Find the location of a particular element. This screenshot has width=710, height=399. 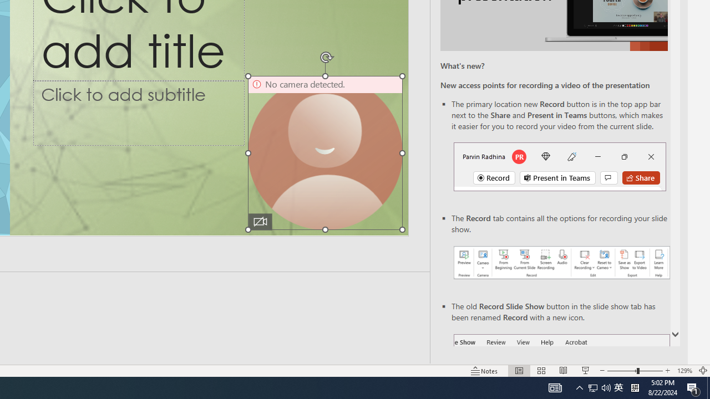

'Subtitle TextBox' is located at coordinates (138, 112).